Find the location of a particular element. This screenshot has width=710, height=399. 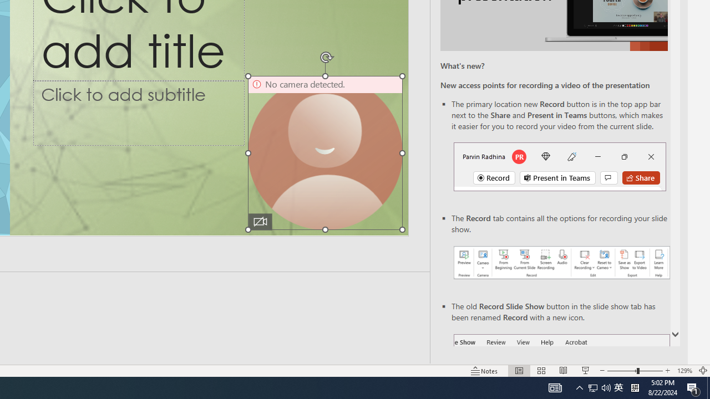

'Subtitle TextBox' is located at coordinates (138, 112).